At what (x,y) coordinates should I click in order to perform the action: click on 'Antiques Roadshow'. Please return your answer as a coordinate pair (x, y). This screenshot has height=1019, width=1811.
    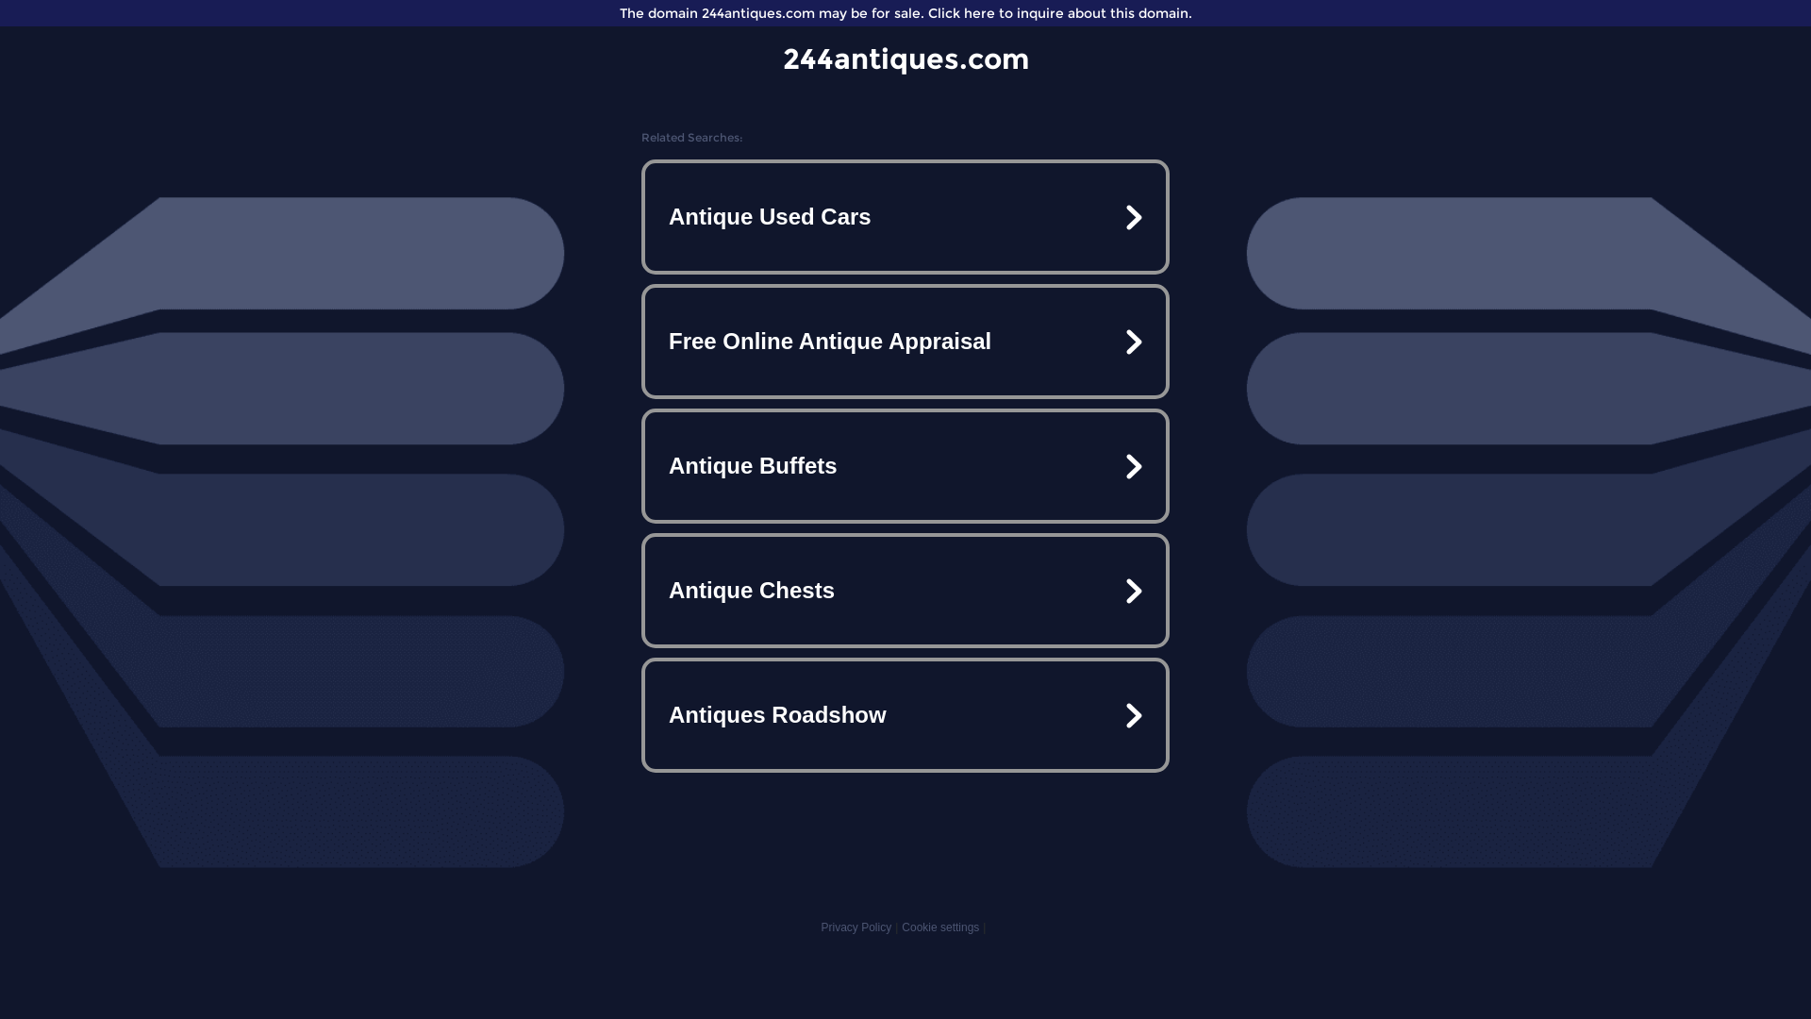
    Looking at the image, I should click on (905, 715).